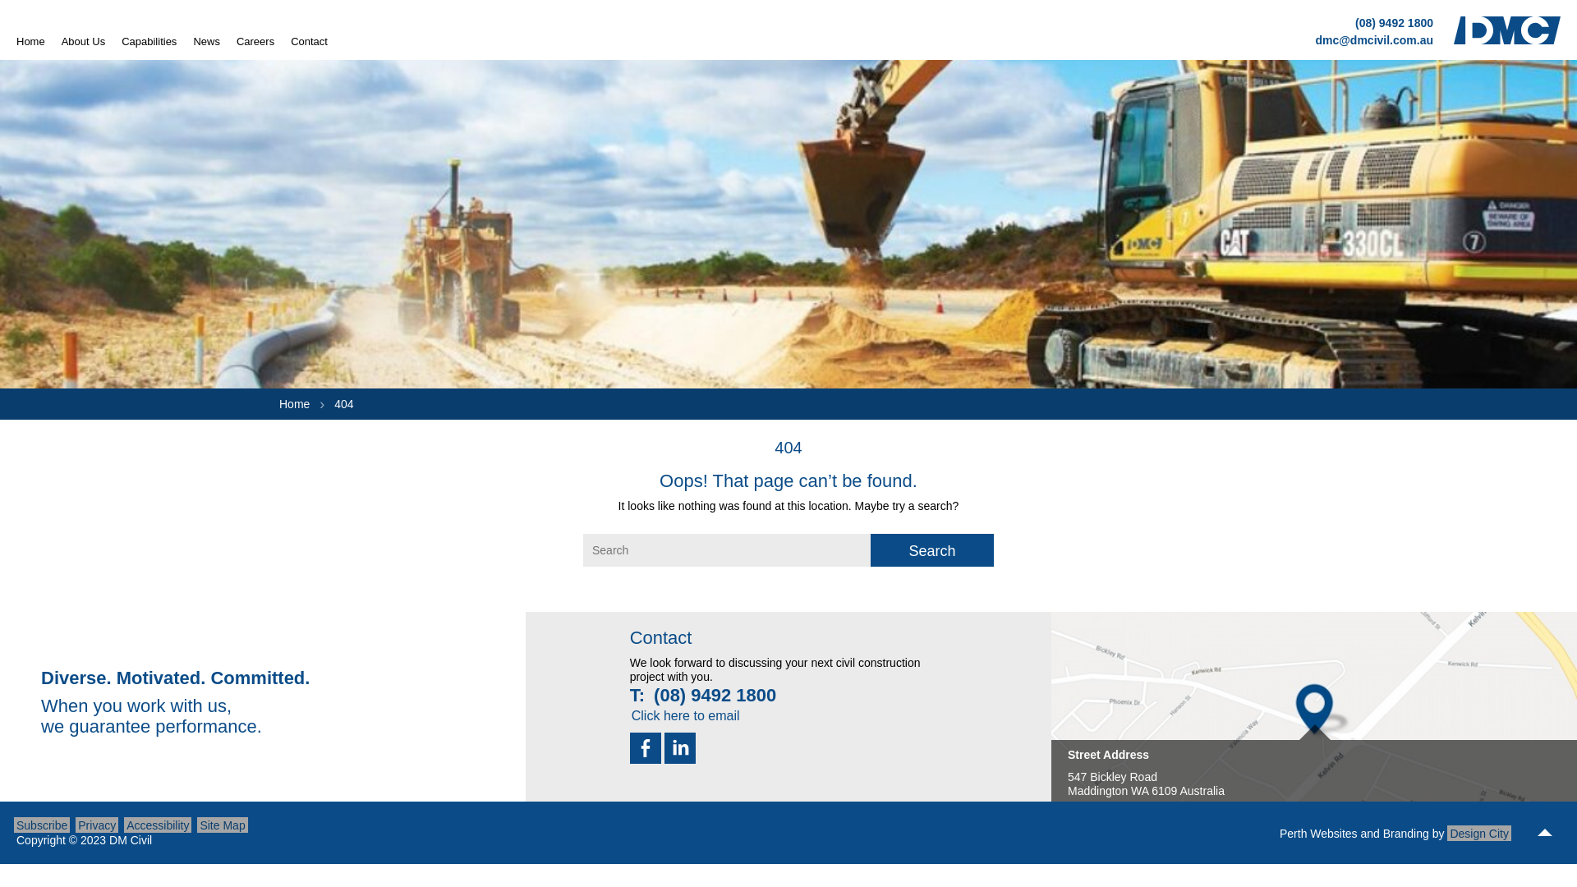 Image resolution: width=1577 pixels, height=887 pixels. What do you see at coordinates (96, 825) in the screenshot?
I see `'Privacy'` at bounding box center [96, 825].